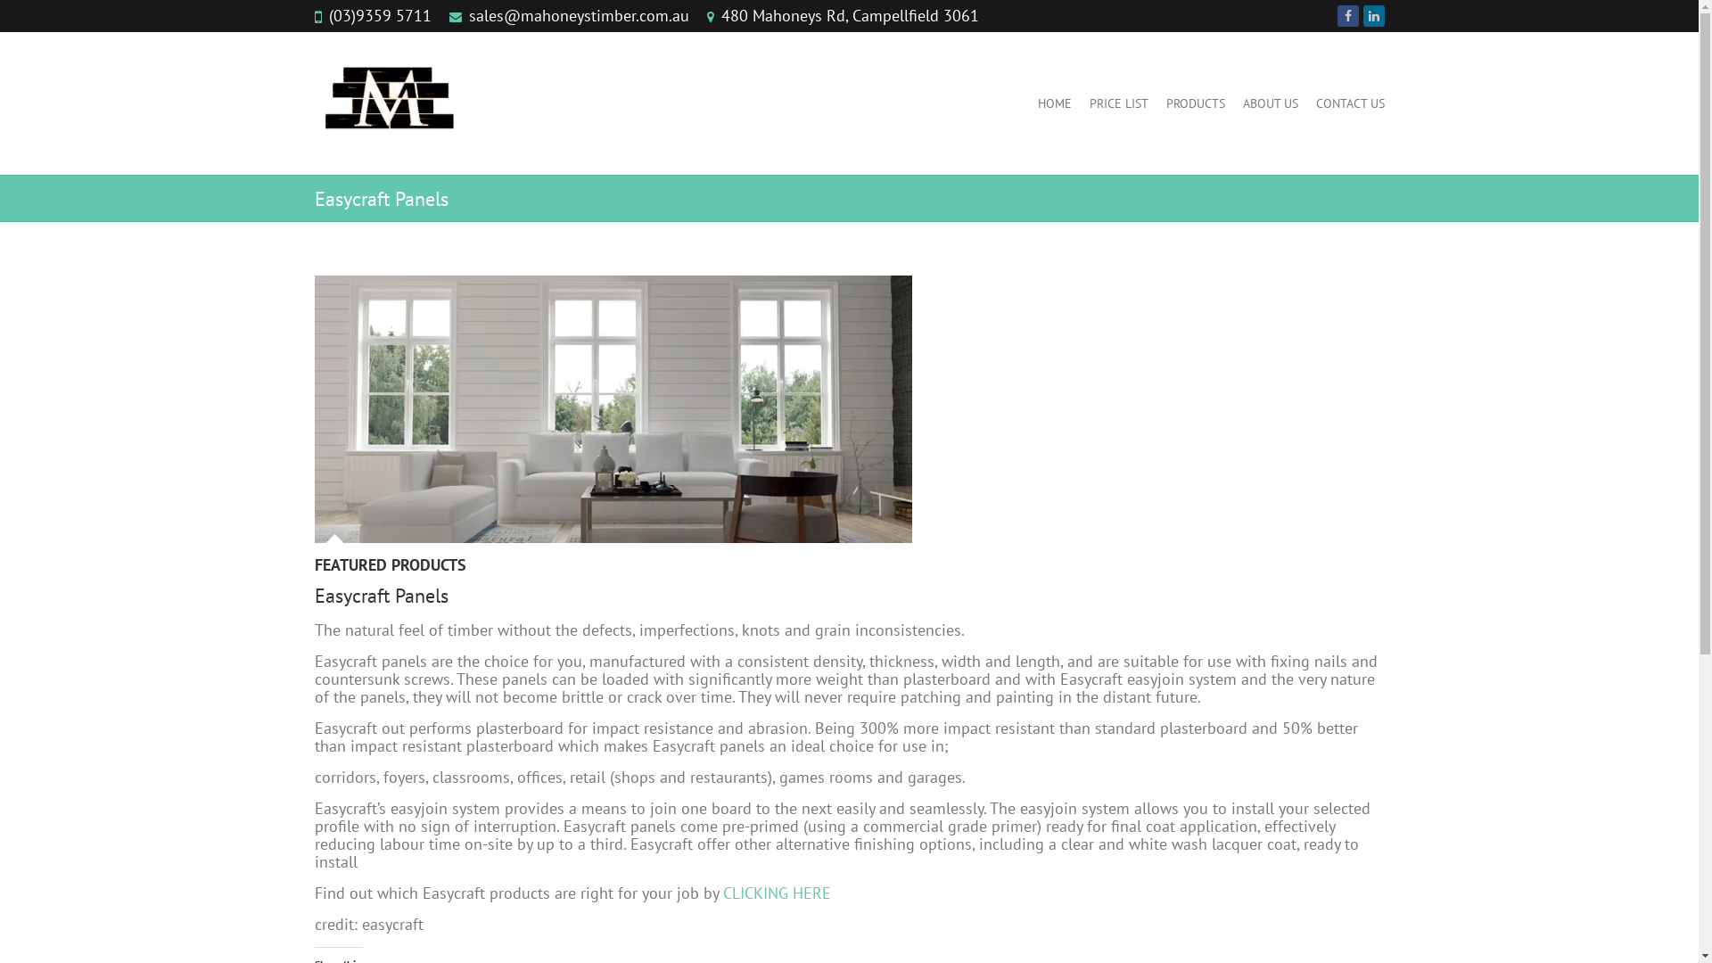  What do you see at coordinates (1372, 16) in the screenshot?
I see `' on LinkedIn'` at bounding box center [1372, 16].